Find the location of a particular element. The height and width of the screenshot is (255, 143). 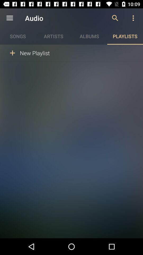

icon above playlists is located at coordinates (133, 18).